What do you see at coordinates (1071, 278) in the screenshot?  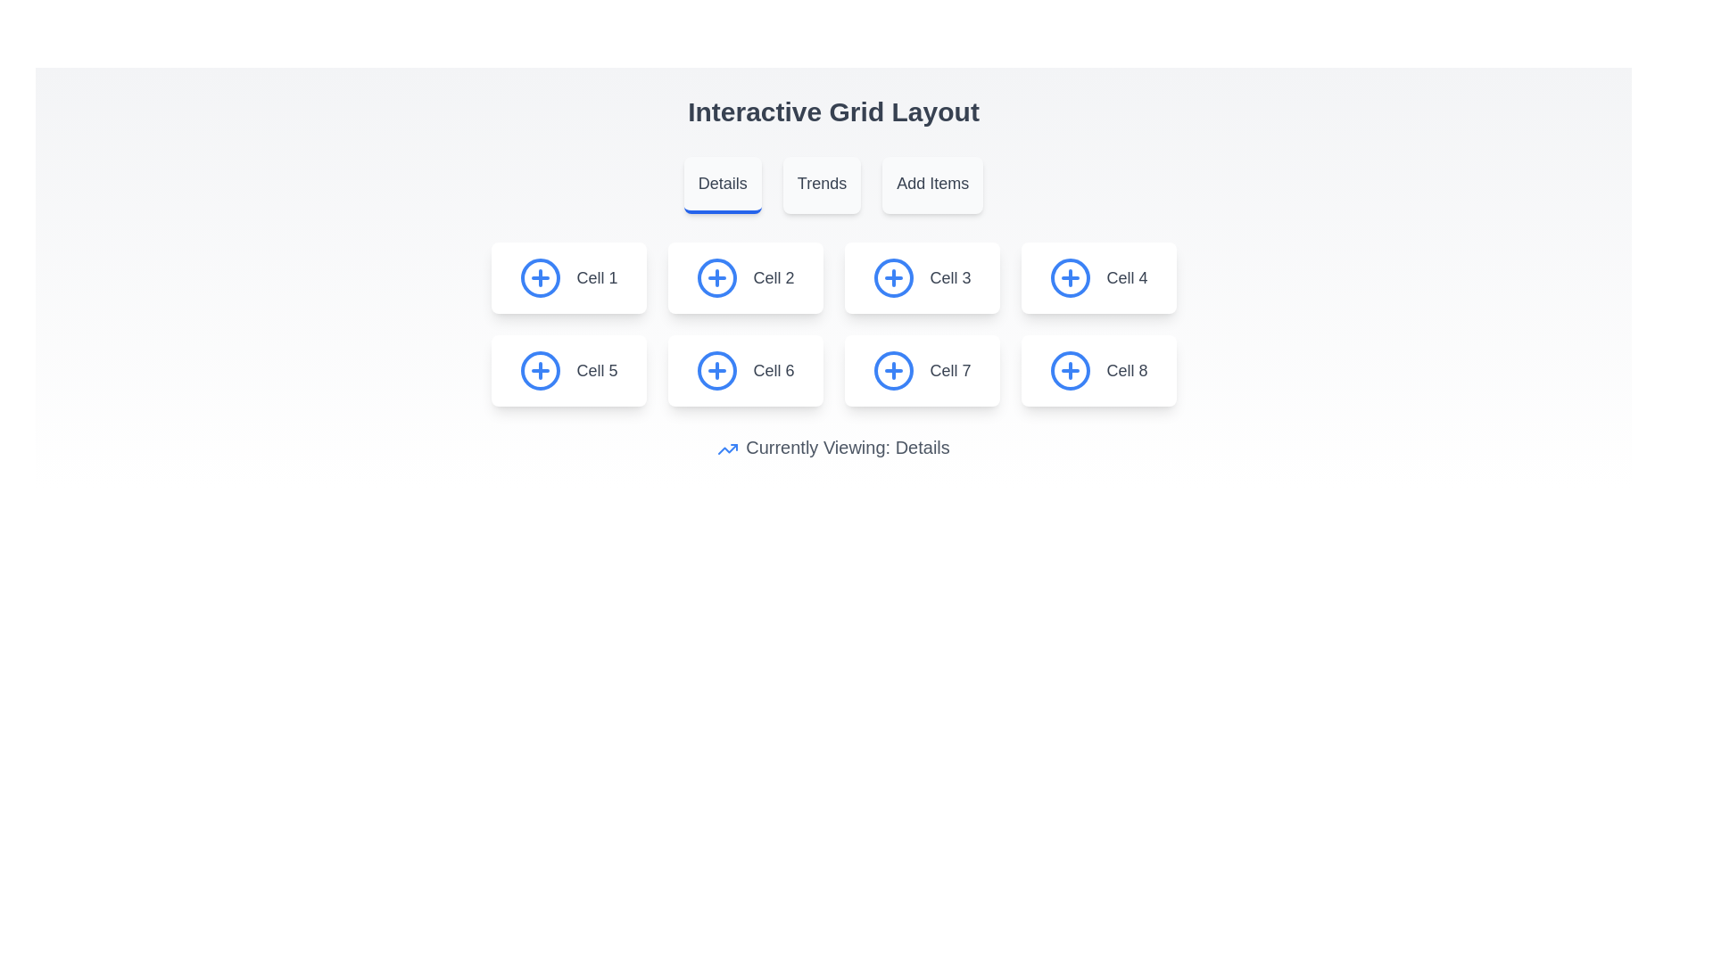 I see `the blue circle with a plus icon located in the 'Cell 4' card in the top-right quadrant of the grid layout` at bounding box center [1071, 278].